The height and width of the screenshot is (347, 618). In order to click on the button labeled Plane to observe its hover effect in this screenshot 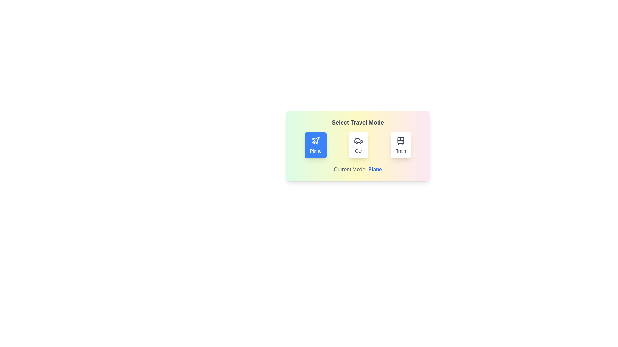, I will do `click(315, 145)`.